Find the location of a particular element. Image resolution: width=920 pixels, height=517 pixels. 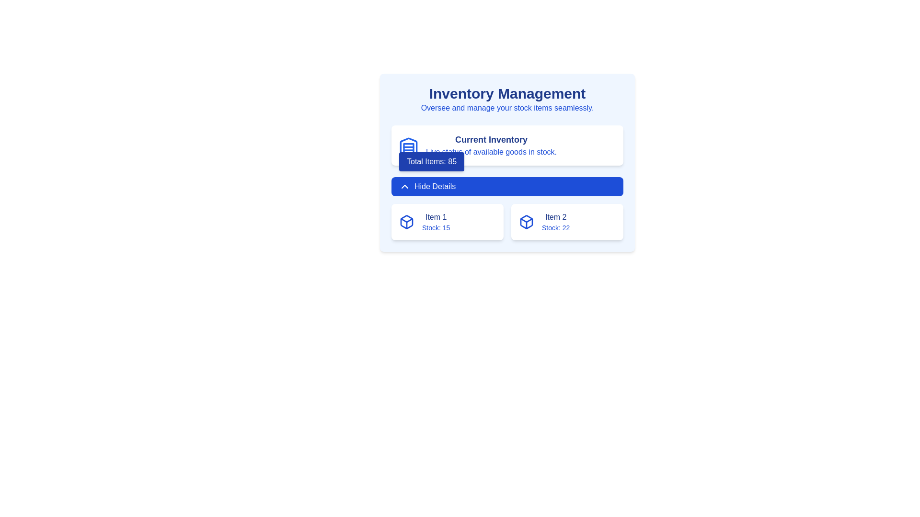

the Text Label that provides contextual information following the 'Current Inventory' label, which is styled in bold and larger font is located at coordinates (491, 151).